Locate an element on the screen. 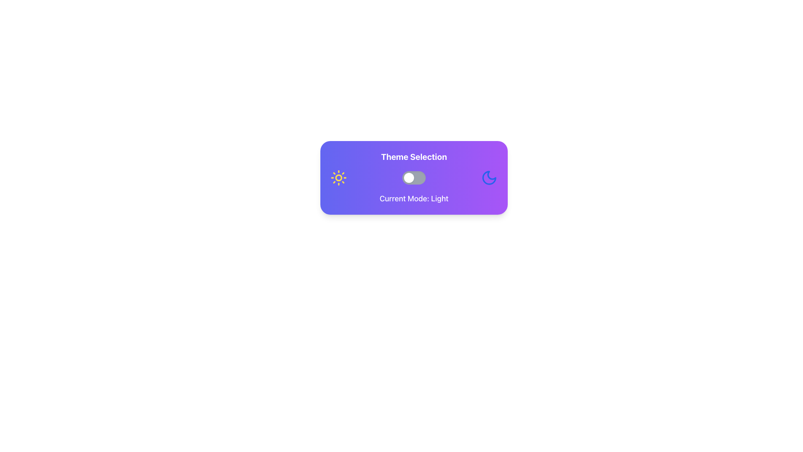 This screenshot has height=452, width=803. the Interactive card with toggle switch that displays 'Theme Selection' at the top and indicates 'Light' mode in the middle is located at coordinates (414, 177).